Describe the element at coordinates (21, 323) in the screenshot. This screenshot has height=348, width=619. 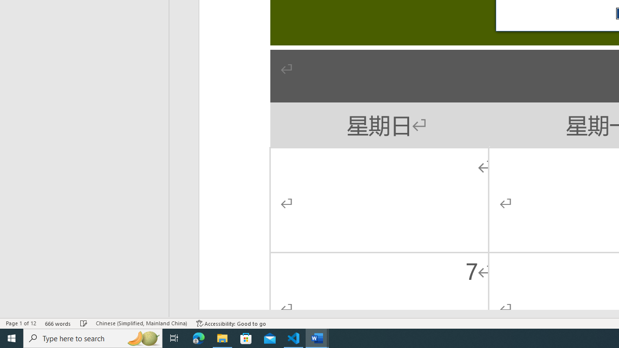
I see `'Page Number Page 1 of 12'` at that location.